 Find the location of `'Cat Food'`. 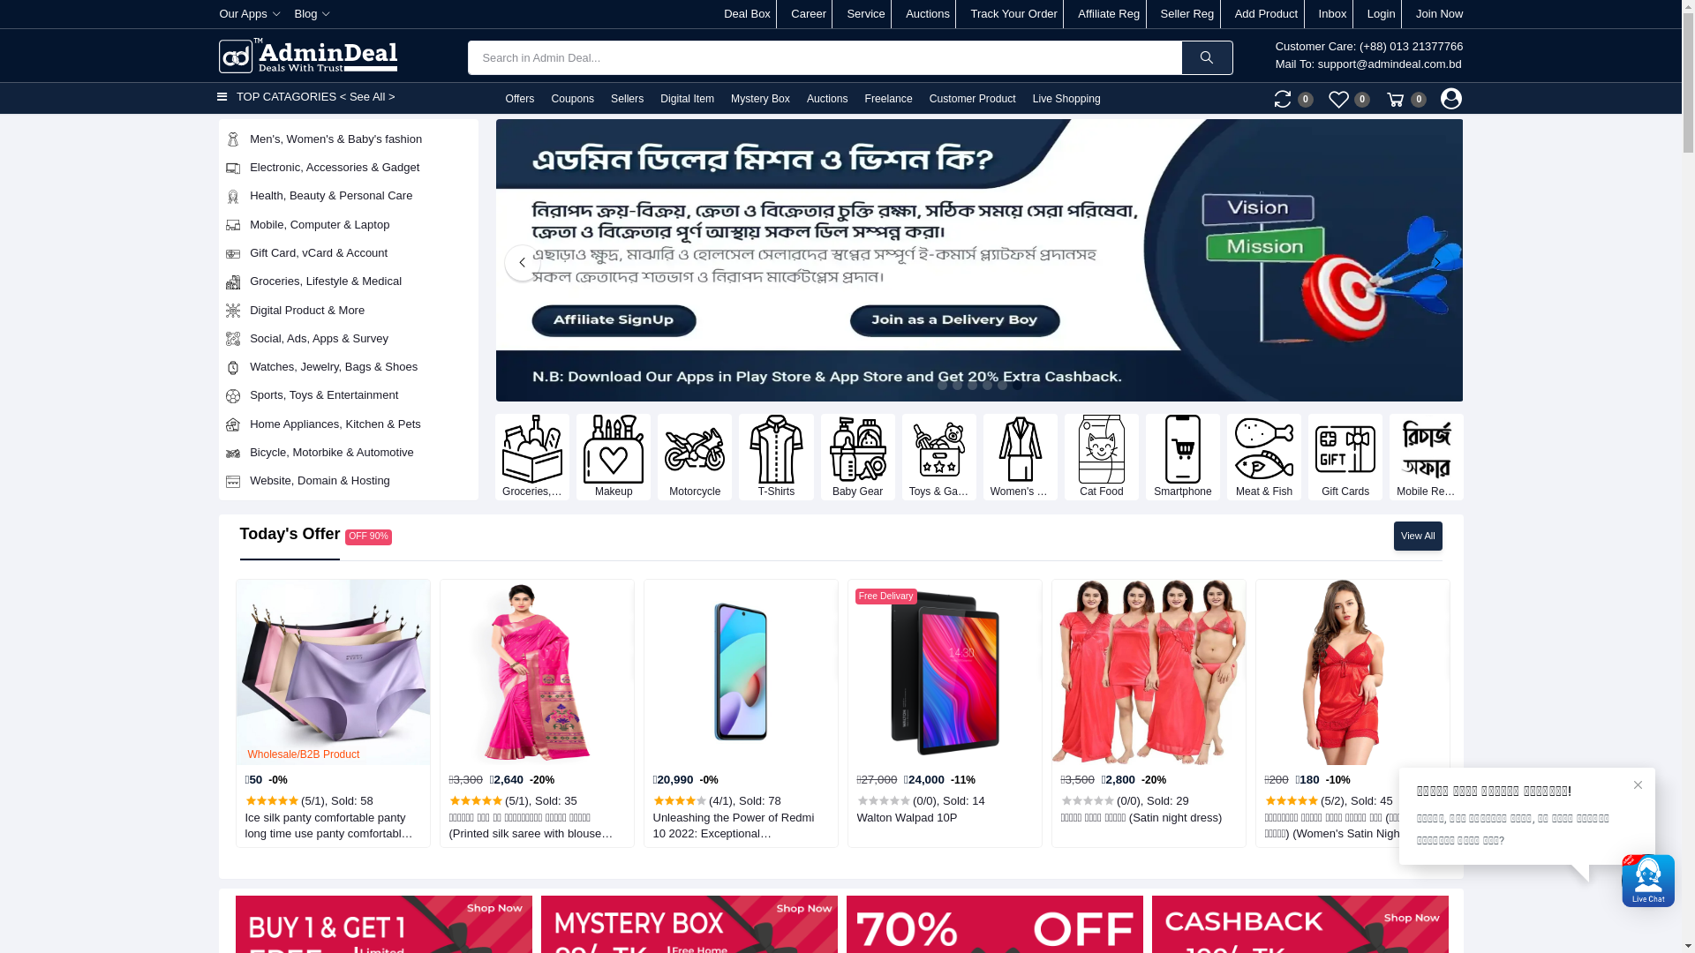

'Cat Food' is located at coordinates (1101, 455).